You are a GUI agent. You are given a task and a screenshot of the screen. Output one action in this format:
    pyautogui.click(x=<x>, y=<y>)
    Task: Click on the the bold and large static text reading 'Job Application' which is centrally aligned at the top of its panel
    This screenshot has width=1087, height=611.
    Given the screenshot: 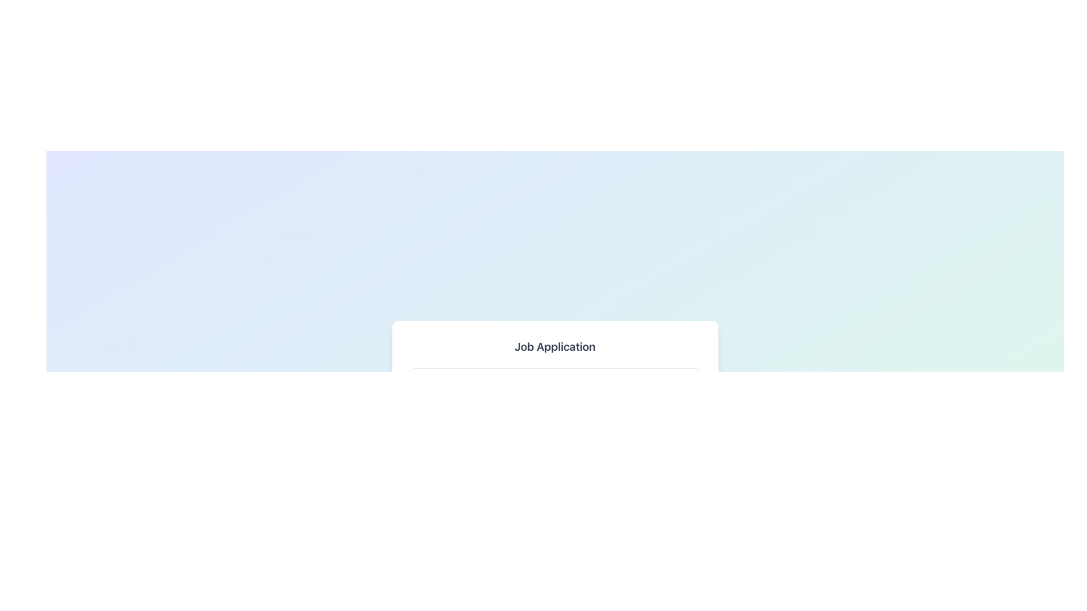 What is the action you would take?
    pyautogui.click(x=555, y=346)
    